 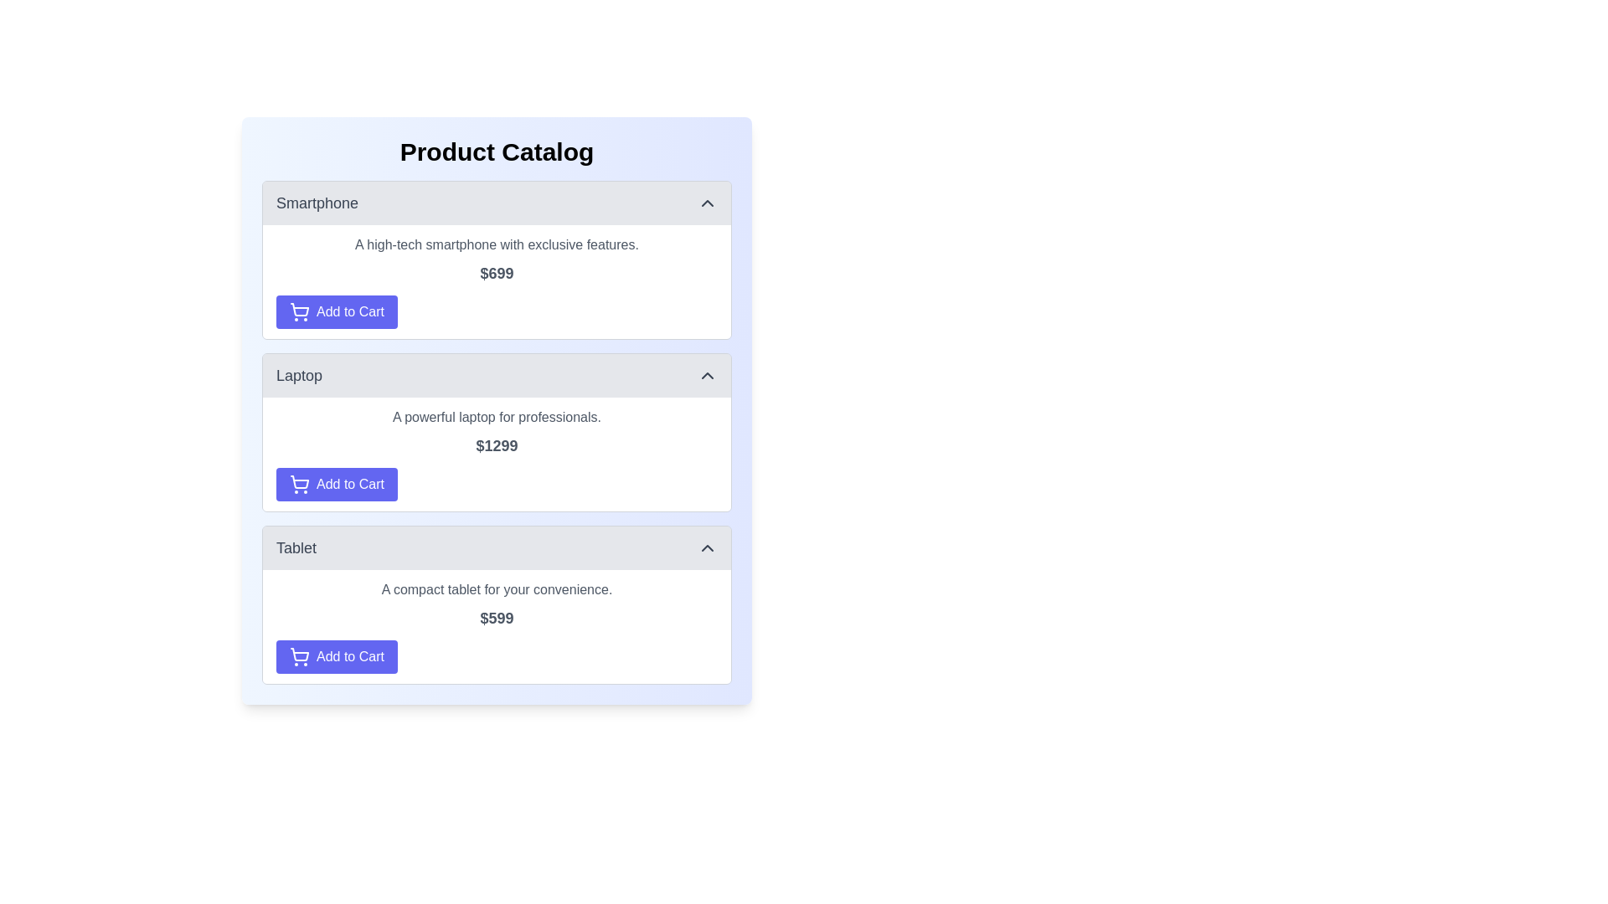 What do you see at coordinates (300, 482) in the screenshot?
I see `the 'Add to Cart' button for the 'Laptop' item, which is represented by a shopping cart icon` at bounding box center [300, 482].